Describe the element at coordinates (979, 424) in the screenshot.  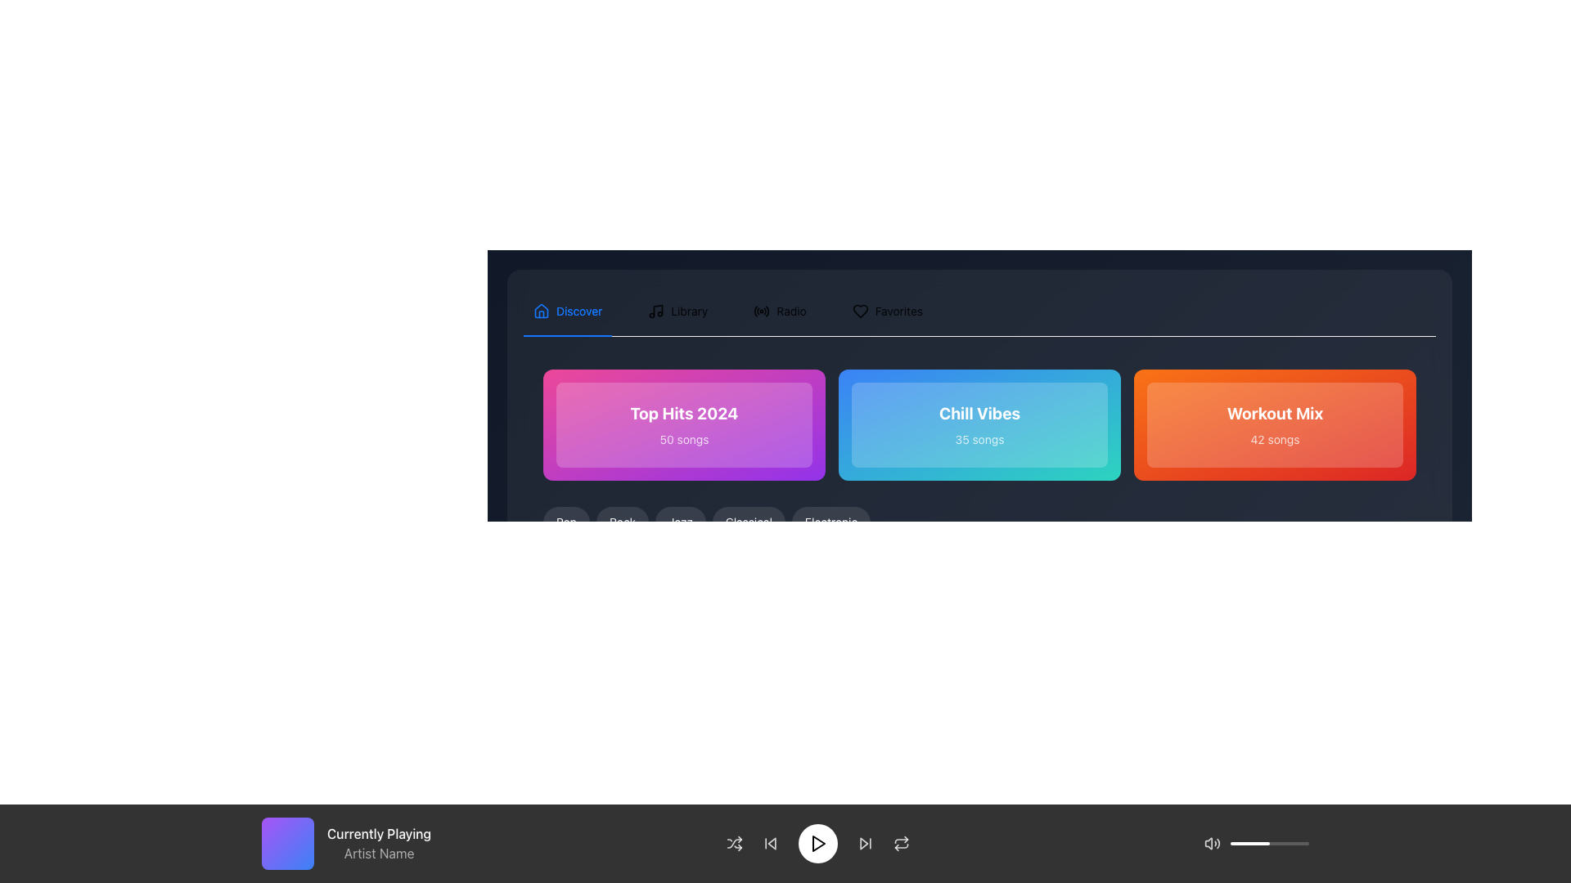
I see `the 'Chill Vibes' card, which is a rectangular card with a gradient blue background and features bold white text at the top and smaller white text below` at that location.